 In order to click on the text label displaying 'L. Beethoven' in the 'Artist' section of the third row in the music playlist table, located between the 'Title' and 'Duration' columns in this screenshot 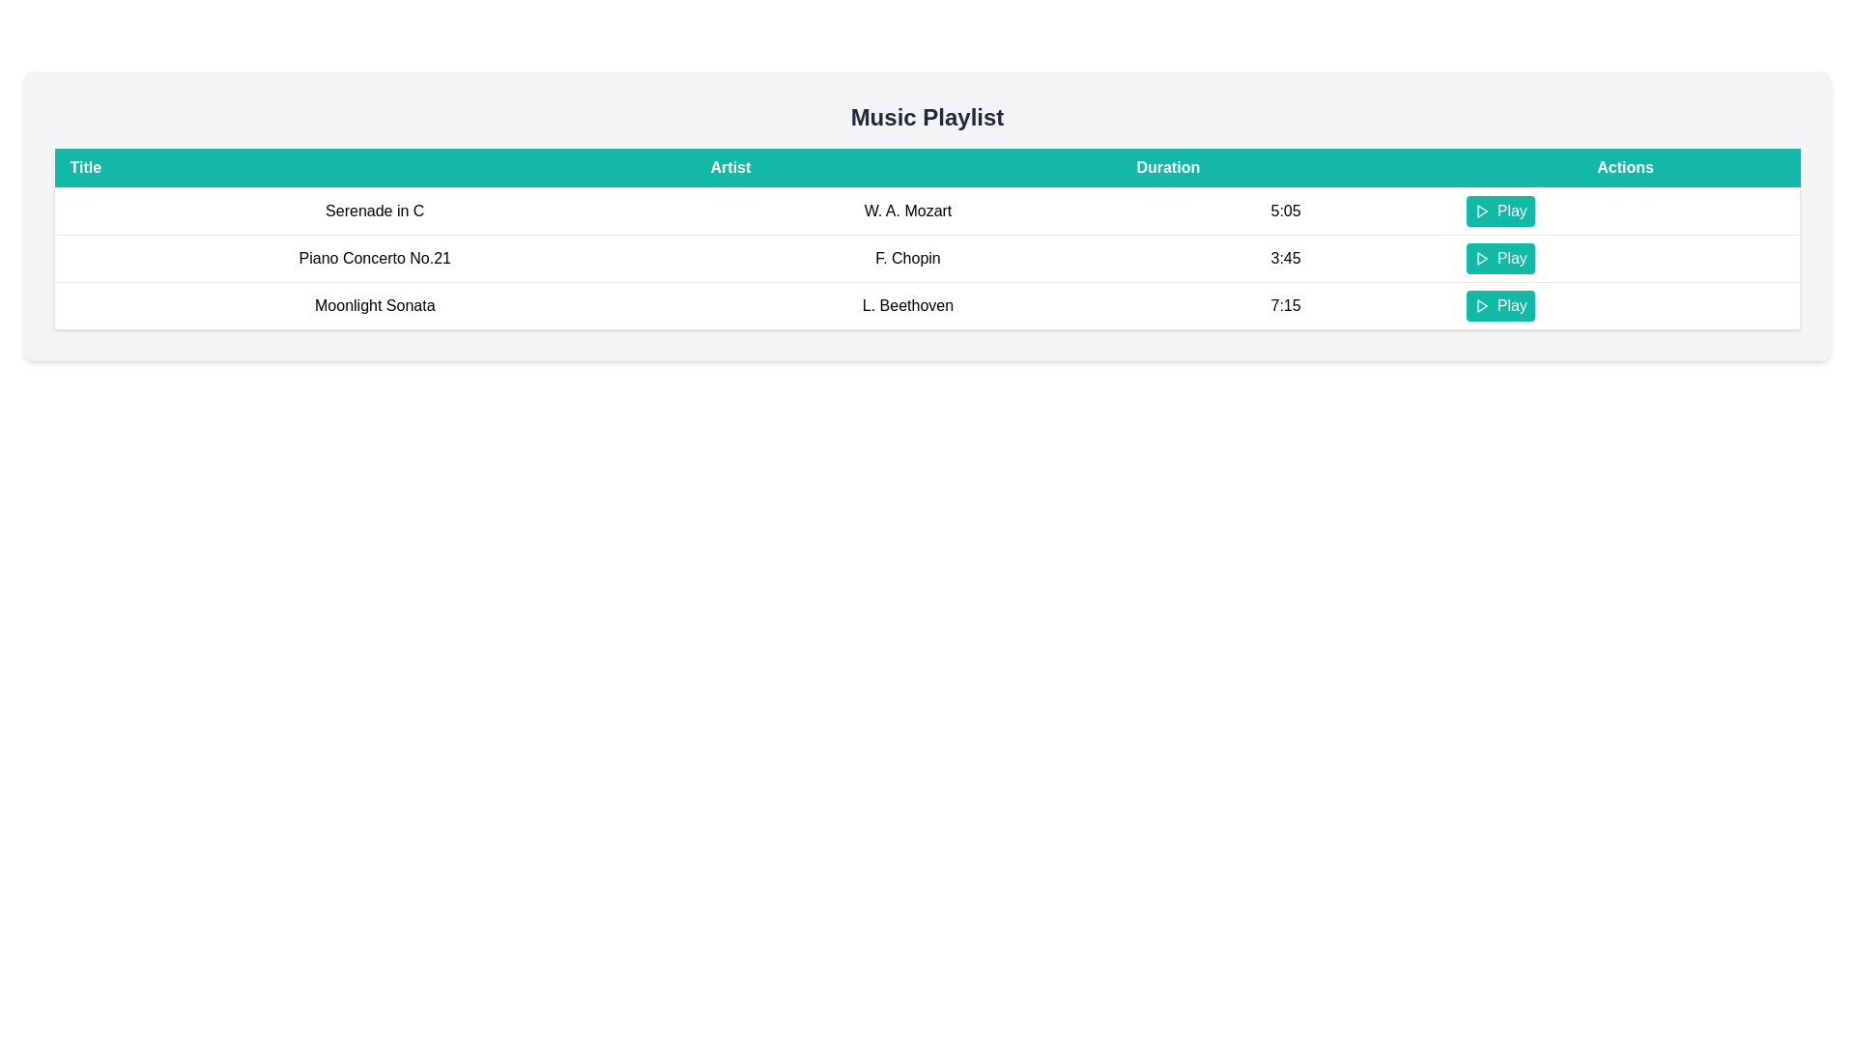, I will do `click(907, 304)`.